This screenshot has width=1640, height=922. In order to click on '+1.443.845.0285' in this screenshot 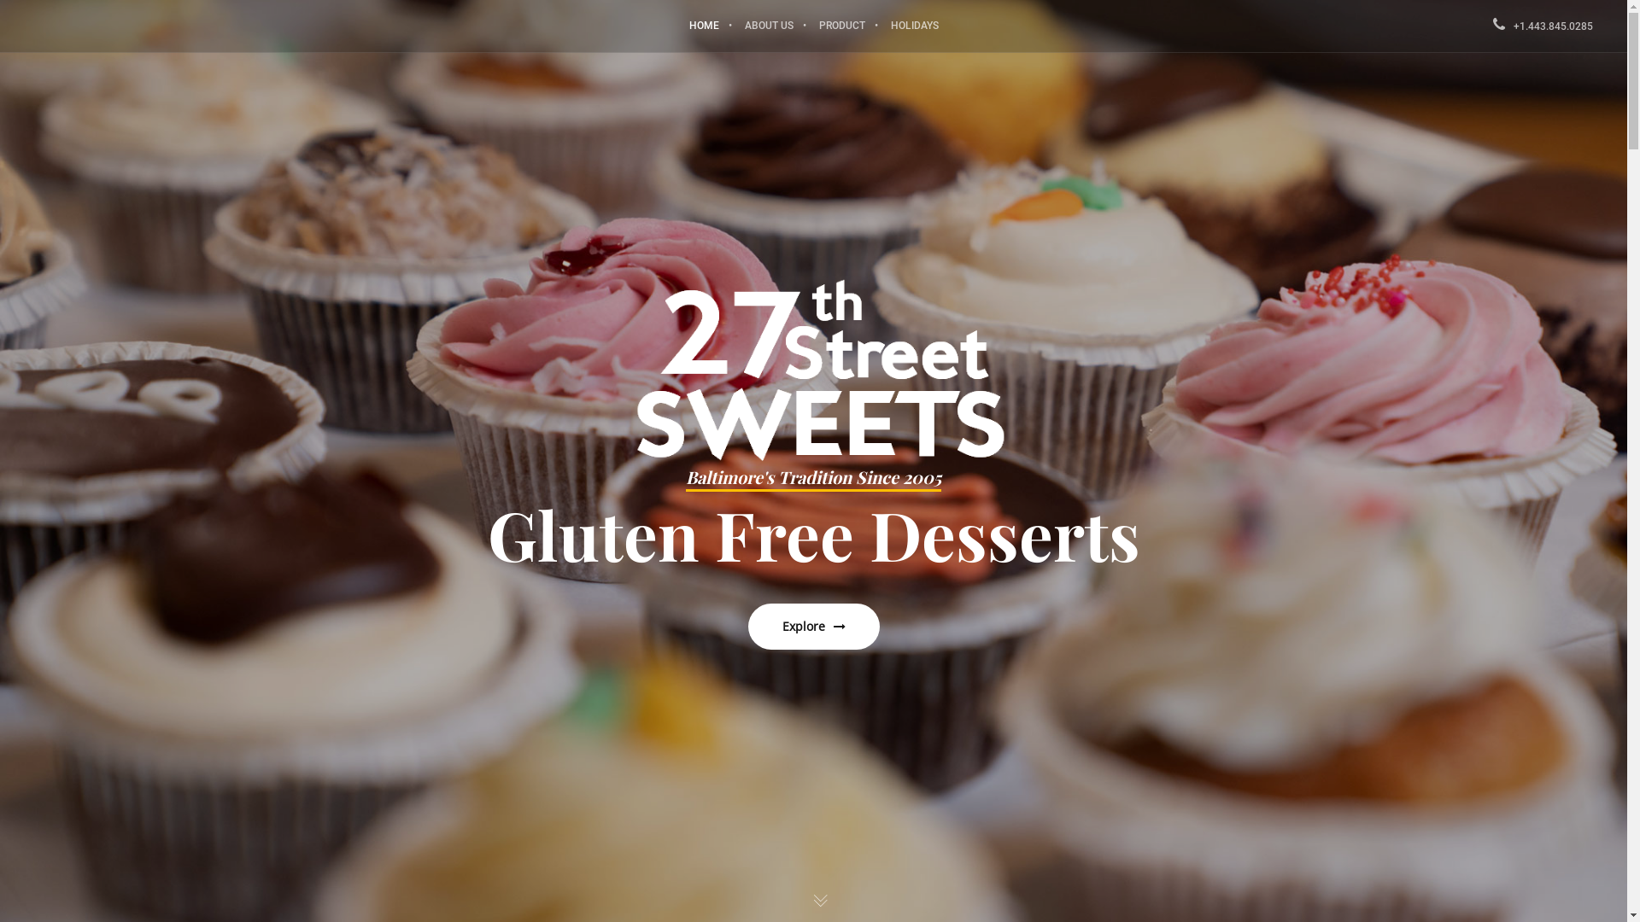, I will do `click(1543, 26)`.